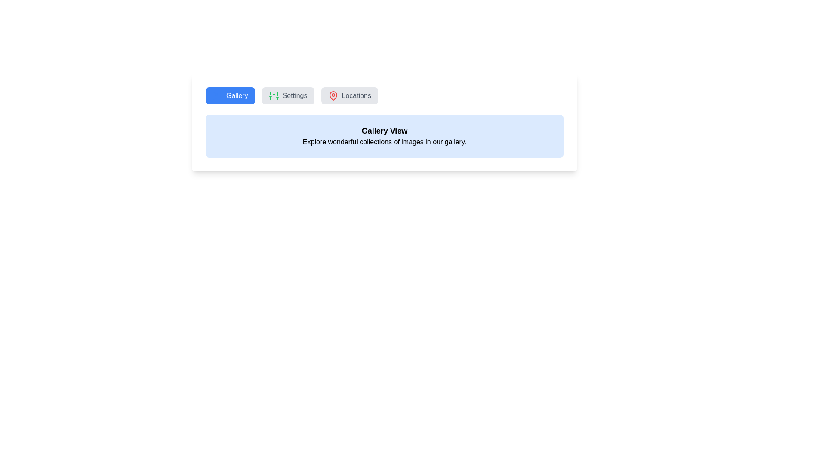  Describe the element at coordinates (230, 96) in the screenshot. I see `the Gallery tab by clicking its corresponding button` at that location.